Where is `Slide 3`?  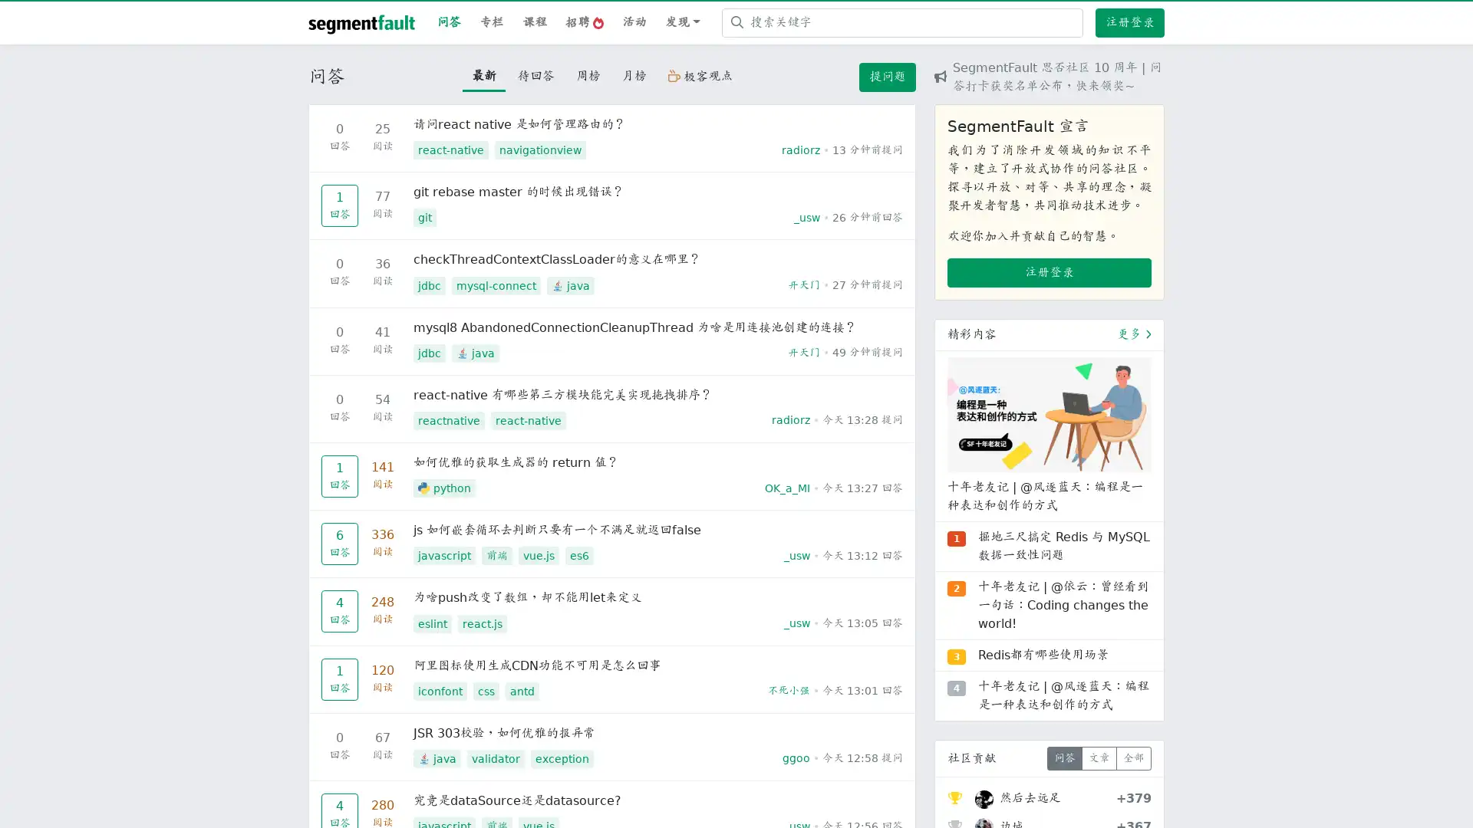
Slide 3 is located at coordinates (1076, 633).